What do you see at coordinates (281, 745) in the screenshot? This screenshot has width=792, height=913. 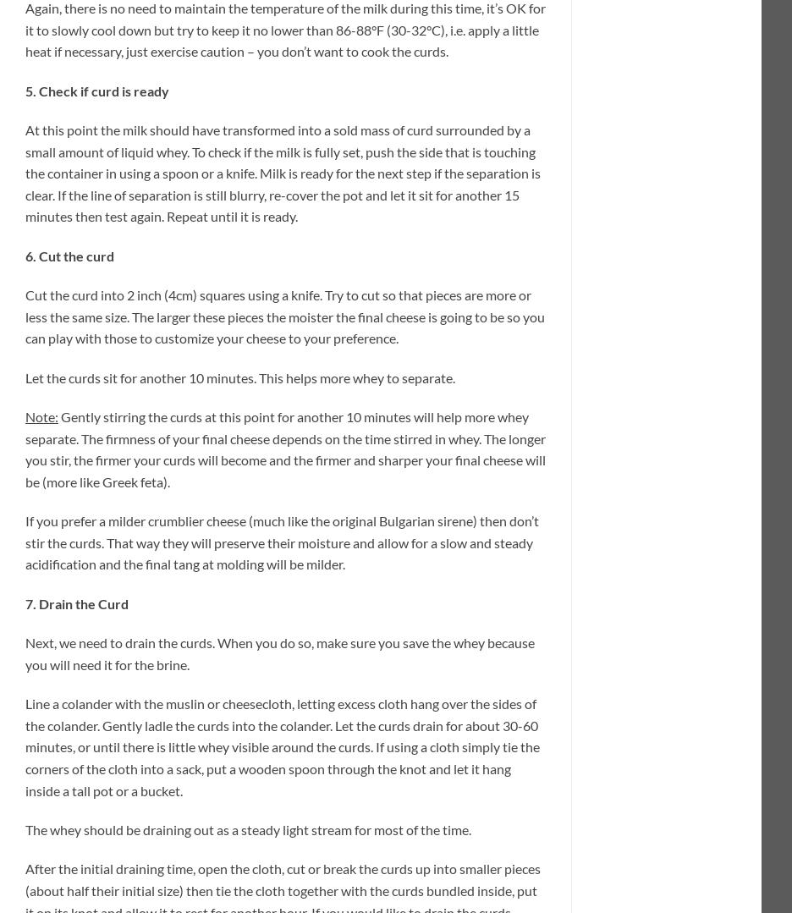 I see `'Line a colander with the muslin or cheesecloth, letting excess cloth hang over the sides of the colander. Gently ladle the curds into the colander. Let the curds drain for about 30-60 minutes, or until there is little whey visible around the curds. If using a cloth simply tie the corners of the cloth into a sack, put a wooden spoon through the knot and let it hang inside a tall pot or a bucket.'` at bounding box center [281, 745].